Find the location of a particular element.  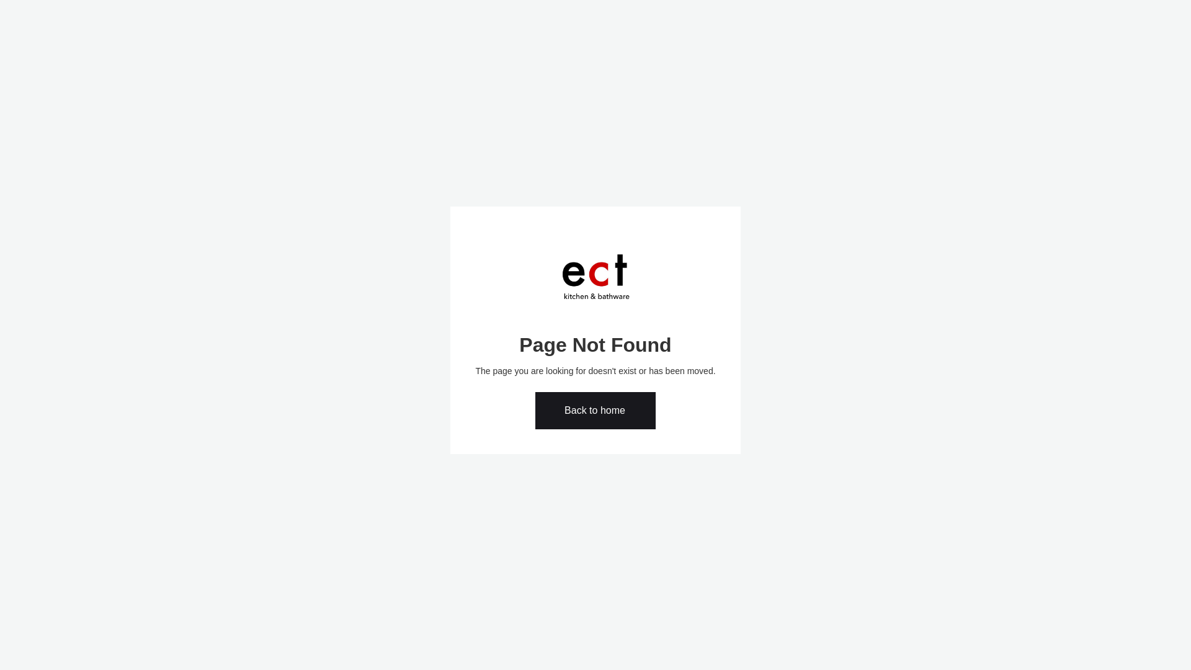

'Back to home' is located at coordinates (595, 411).